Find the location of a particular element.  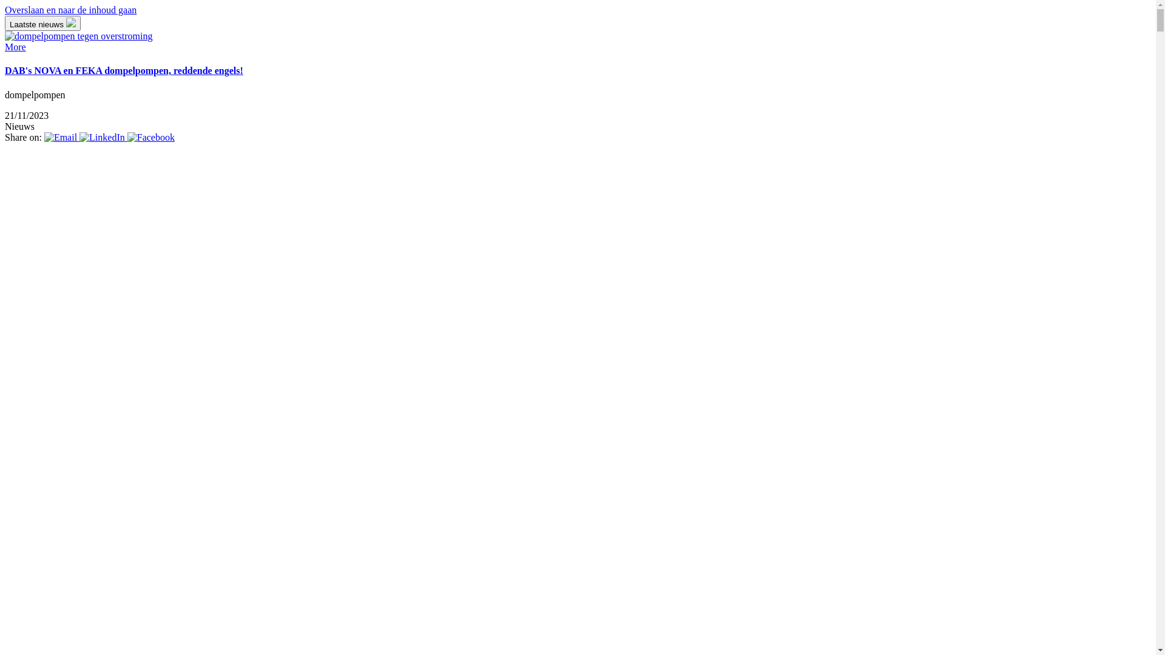

'Laatste nieuws' is located at coordinates (42, 23).